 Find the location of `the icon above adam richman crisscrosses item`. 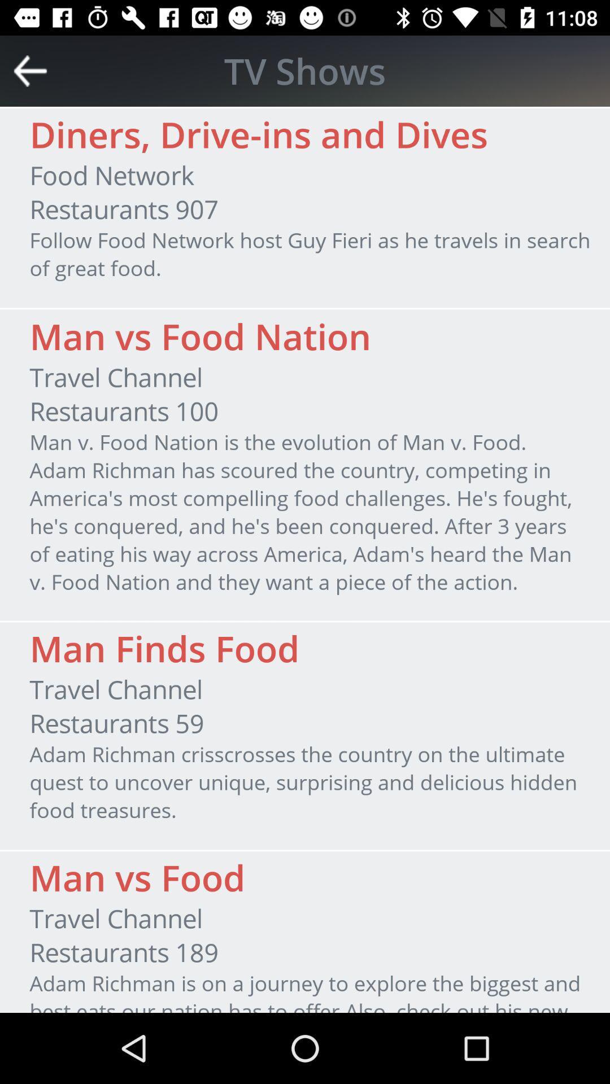

the icon above adam richman crisscrosses item is located at coordinates (117, 723).